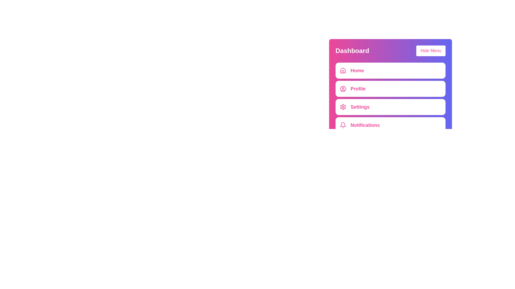 Image resolution: width=515 pixels, height=289 pixels. What do you see at coordinates (390, 107) in the screenshot?
I see `the menu item labeled Settings` at bounding box center [390, 107].